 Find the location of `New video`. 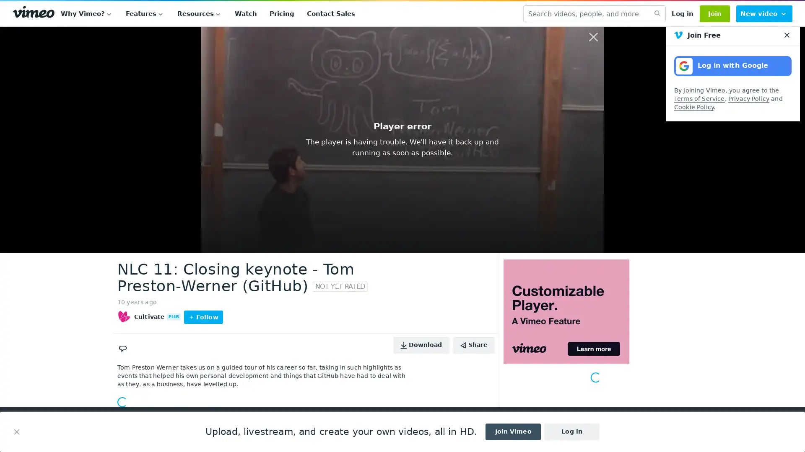

New video is located at coordinates (764, 14).